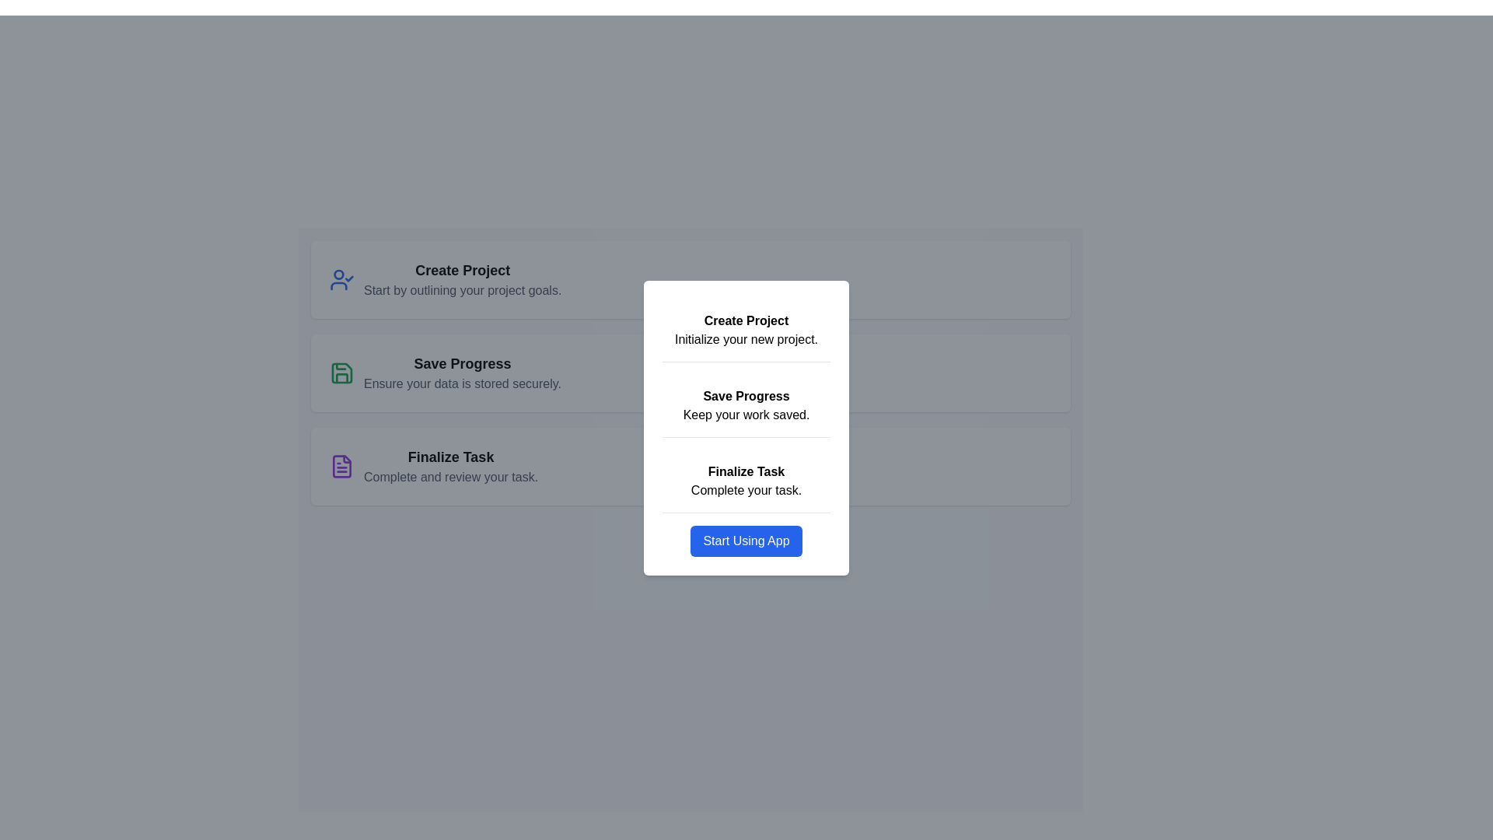 This screenshot has width=1493, height=840. What do you see at coordinates (462, 383) in the screenshot?
I see `the static text displaying 'Ensure your data is stored securely.' which is located directly below the 'Save Progress' title` at bounding box center [462, 383].